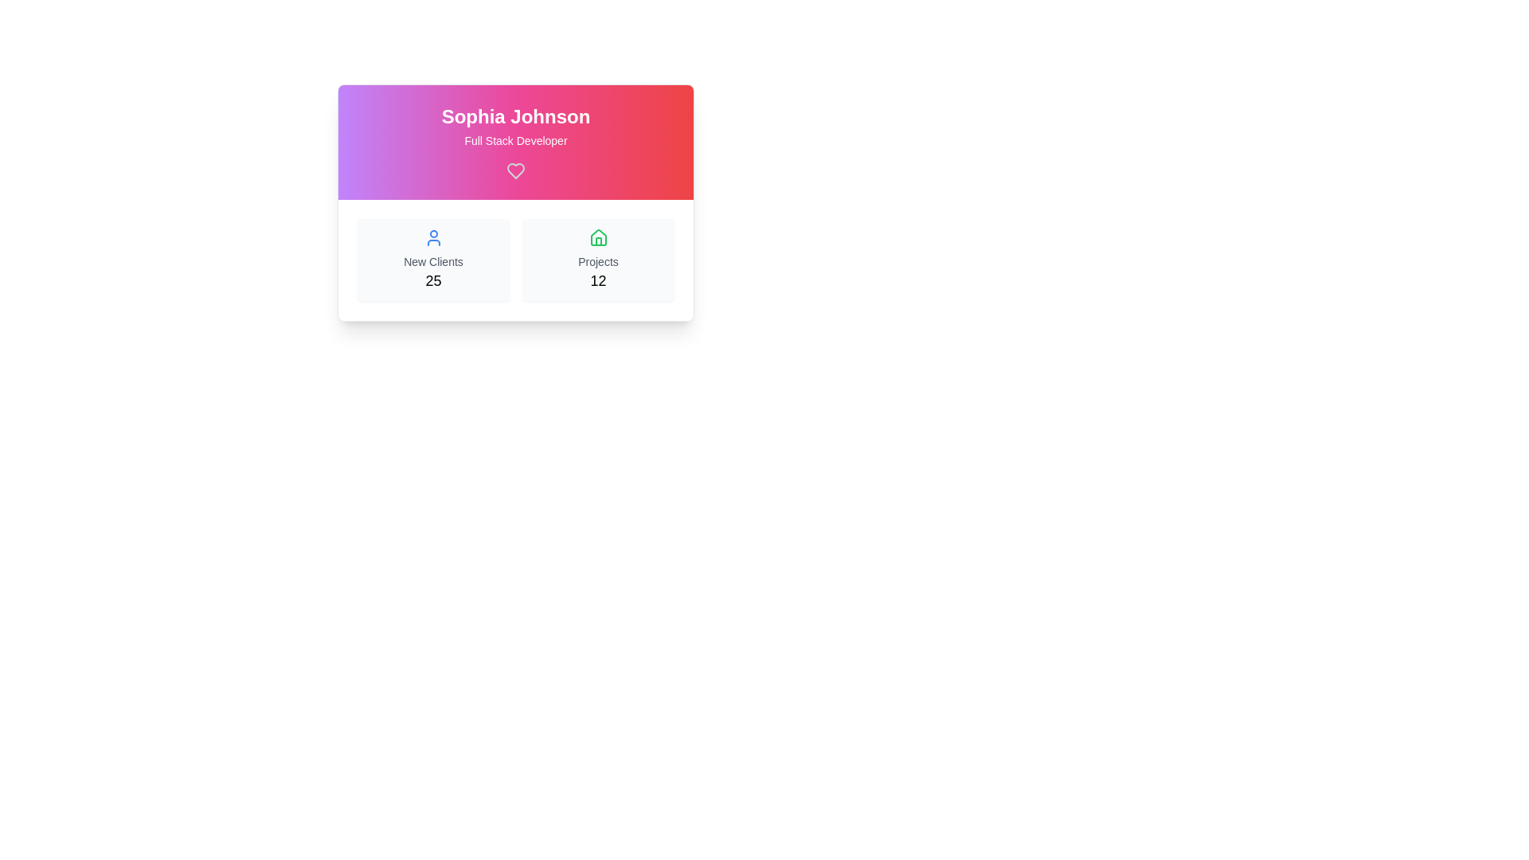 Image resolution: width=1529 pixels, height=860 pixels. Describe the element at coordinates (597, 280) in the screenshot. I see `displayed number from the Text Label that shows the number of projects associated with the user, located in the bottom-right side of the card component, below the green house icon and above the 'Projects' label` at that location.